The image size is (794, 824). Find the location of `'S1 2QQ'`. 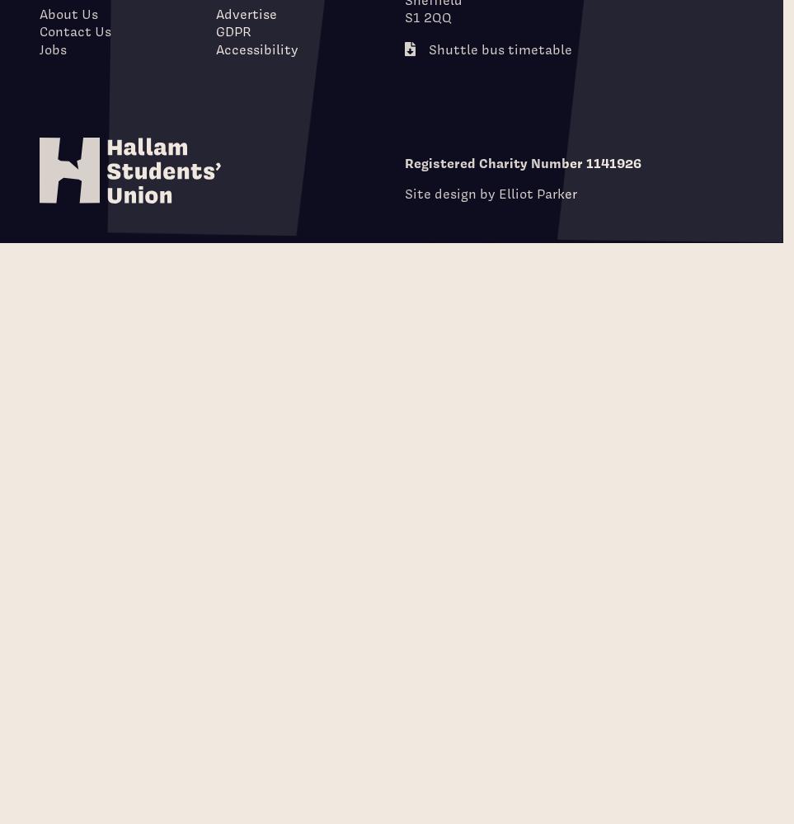

'S1 2QQ' is located at coordinates (428, 17).